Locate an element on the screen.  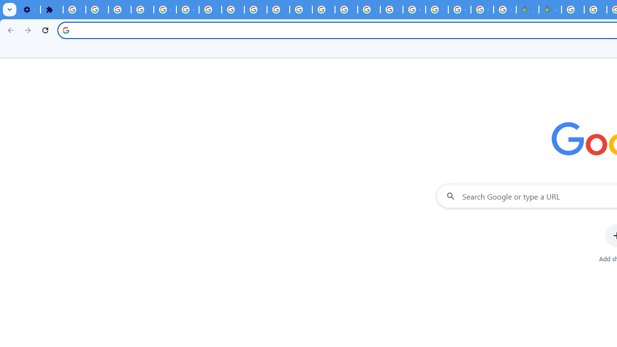
'Delete photos & videos - Computer - Google Photos Help' is located at coordinates (97, 10).